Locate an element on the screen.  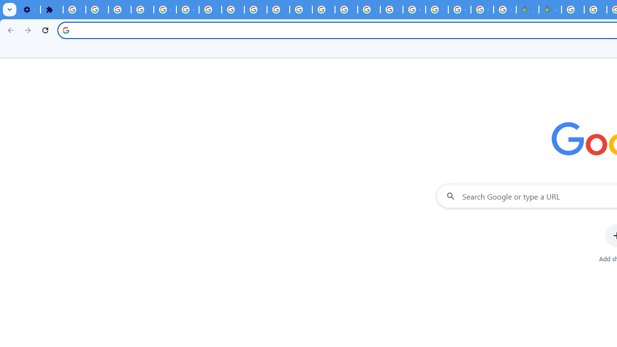
'Delete photos & videos - Computer - Google Photos Help' is located at coordinates (97, 10).